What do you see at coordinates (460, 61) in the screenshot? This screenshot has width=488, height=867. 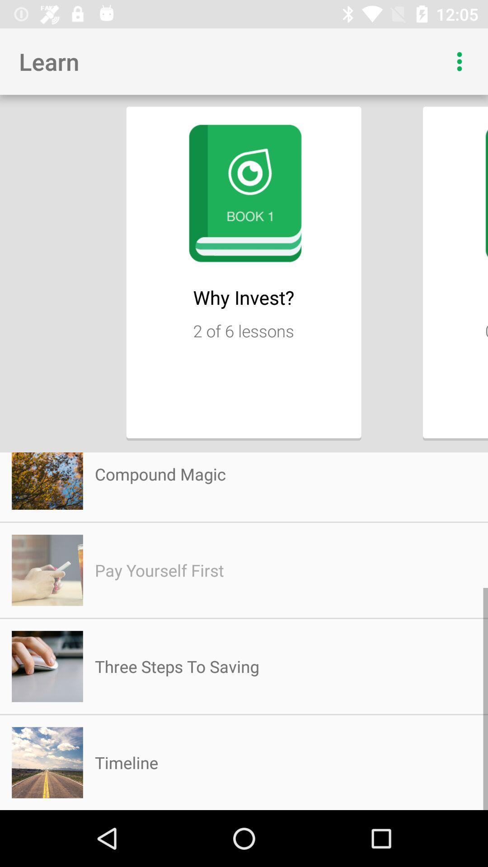 I see `menu` at bounding box center [460, 61].